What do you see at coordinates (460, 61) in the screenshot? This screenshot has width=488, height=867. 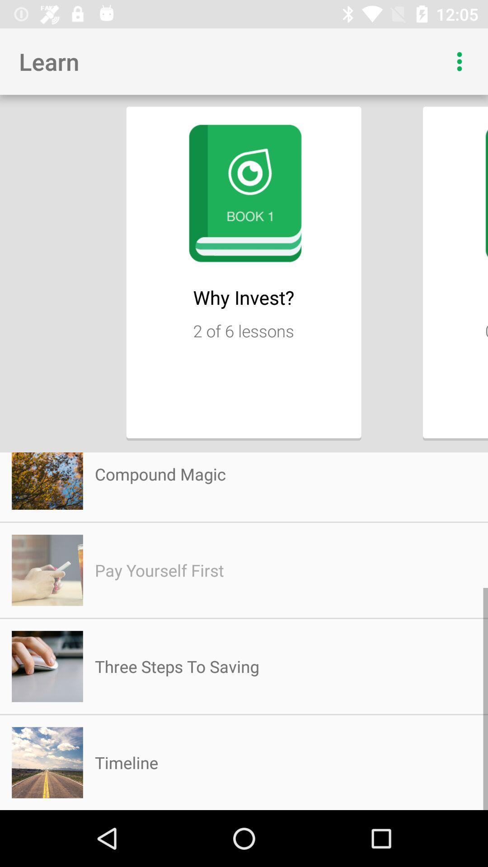 I see `menu` at bounding box center [460, 61].